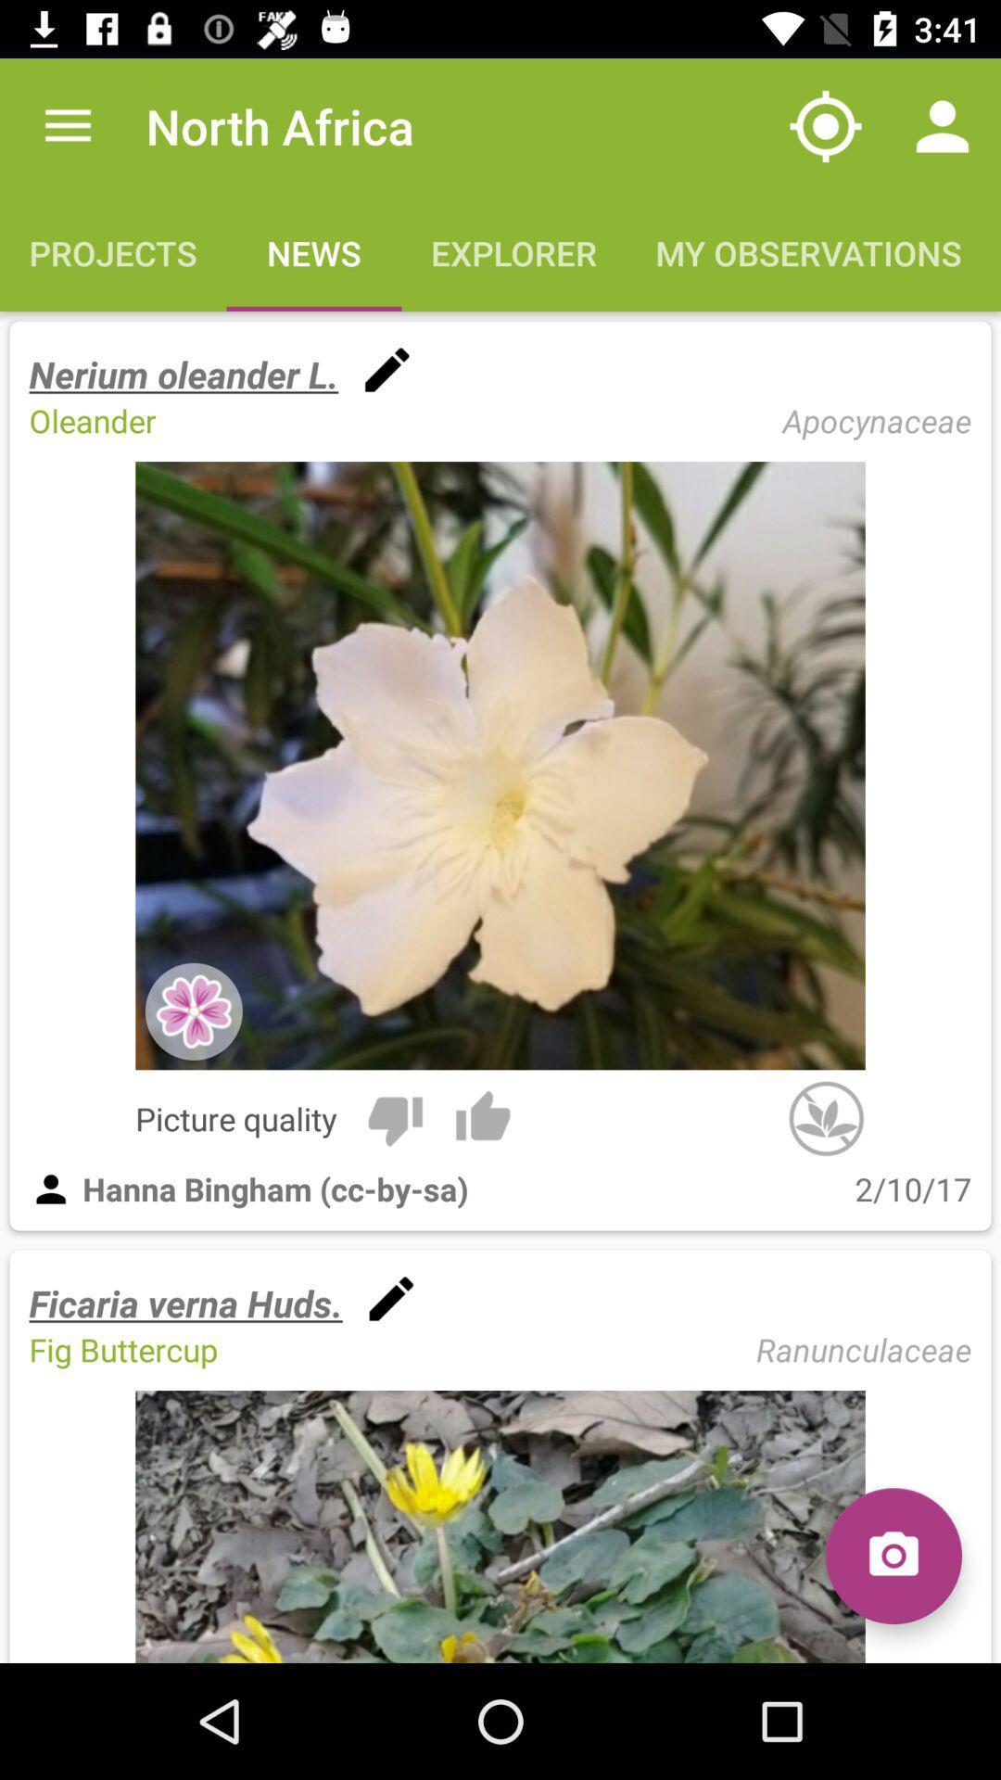 Image resolution: width=1001 pixels, height=1780 pixels. What do you see at coordinates (943, 125) in the screenshot?
I see `item above the my observations icon` at bounding box center [943, 125].